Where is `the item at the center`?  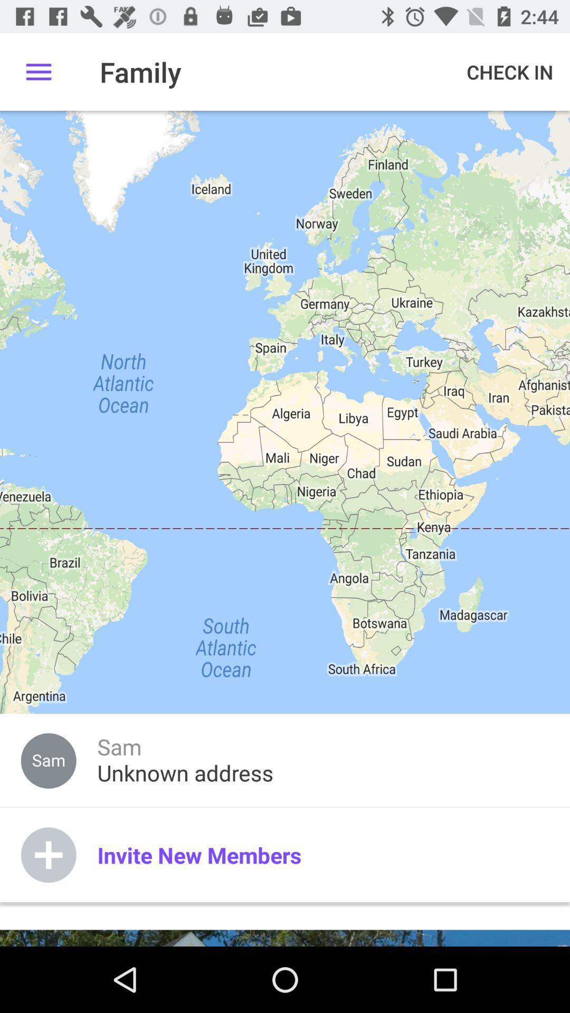
the item at the center is located at coordinates (285, 529).